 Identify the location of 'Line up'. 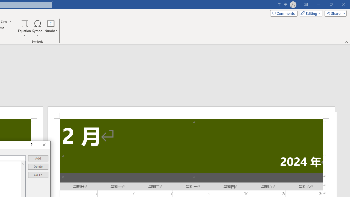
(22, 163).